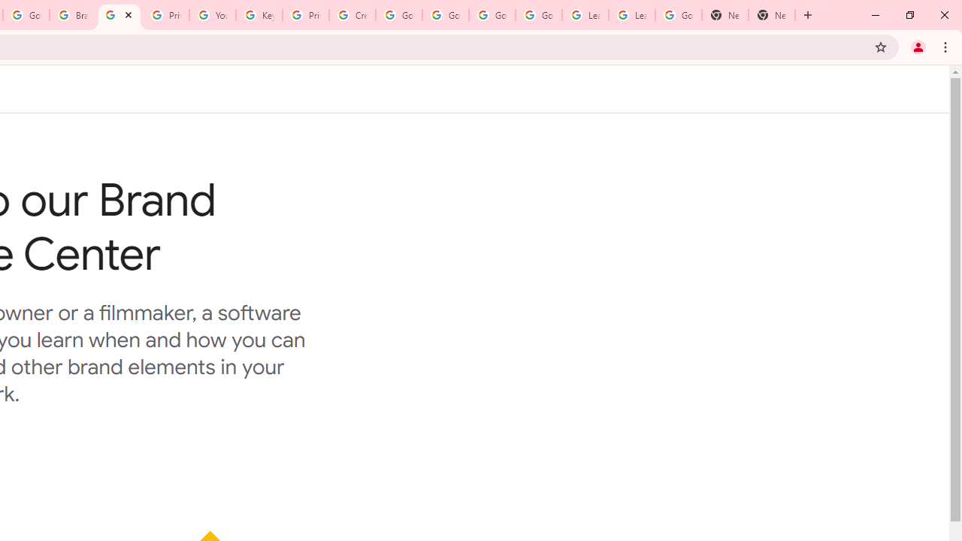  Describe the element at coordinates (352, 15) in the screenshot. I see `'Create your Google Account'` at that location.